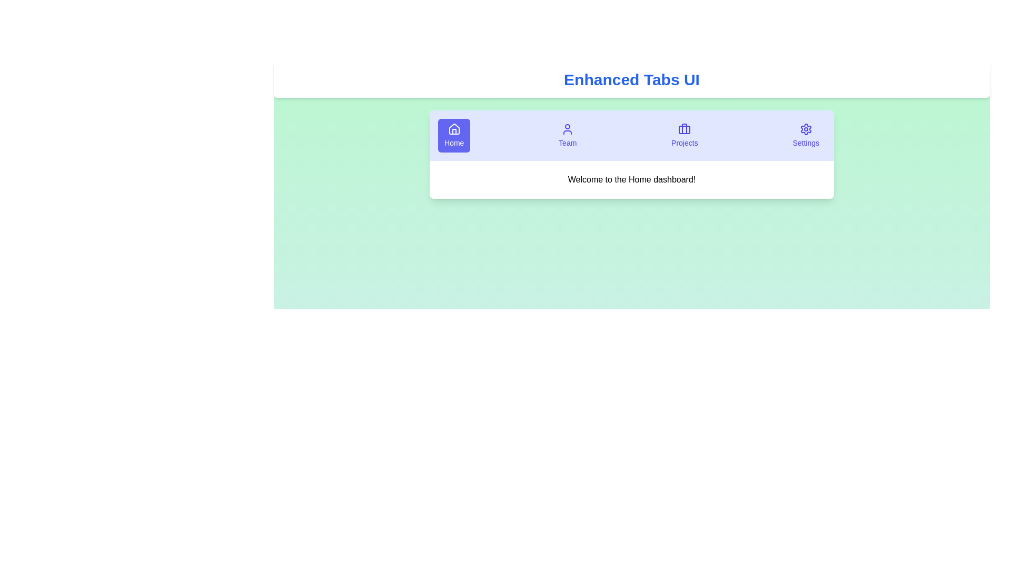 Image resolution: width=1011 pixels, height=568 pixels. I want to click on the settings icon located at the rightmost position in the navigation menu, so click(805, 129).